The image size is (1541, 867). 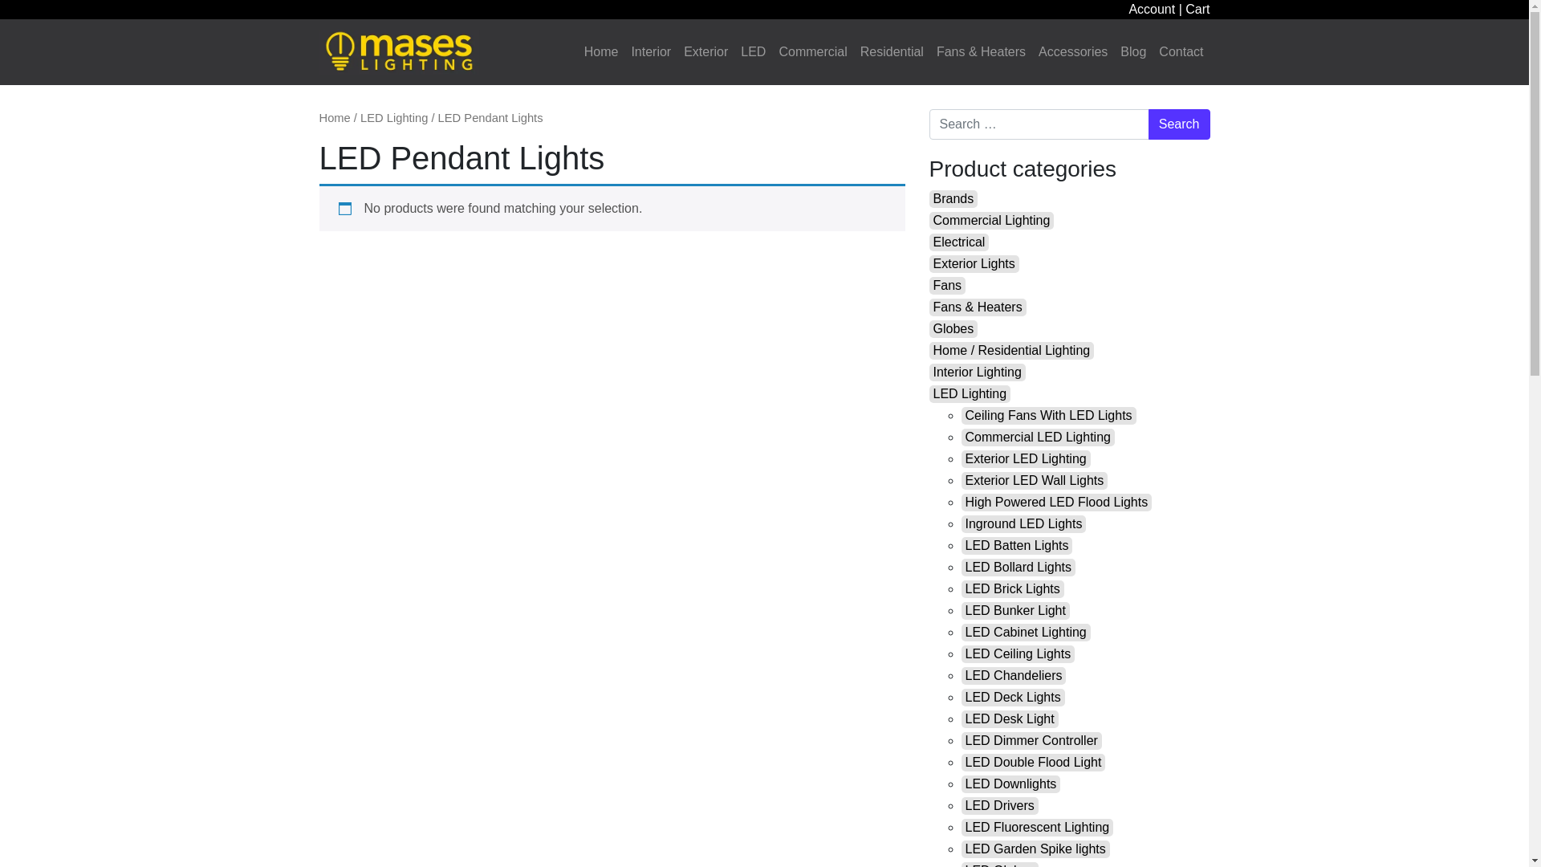 What do you see at coordinates (1048, 414) in the screenshot?
I see `'Ceiling Fans With LED Lights'` at bounding box center [1048, 414].